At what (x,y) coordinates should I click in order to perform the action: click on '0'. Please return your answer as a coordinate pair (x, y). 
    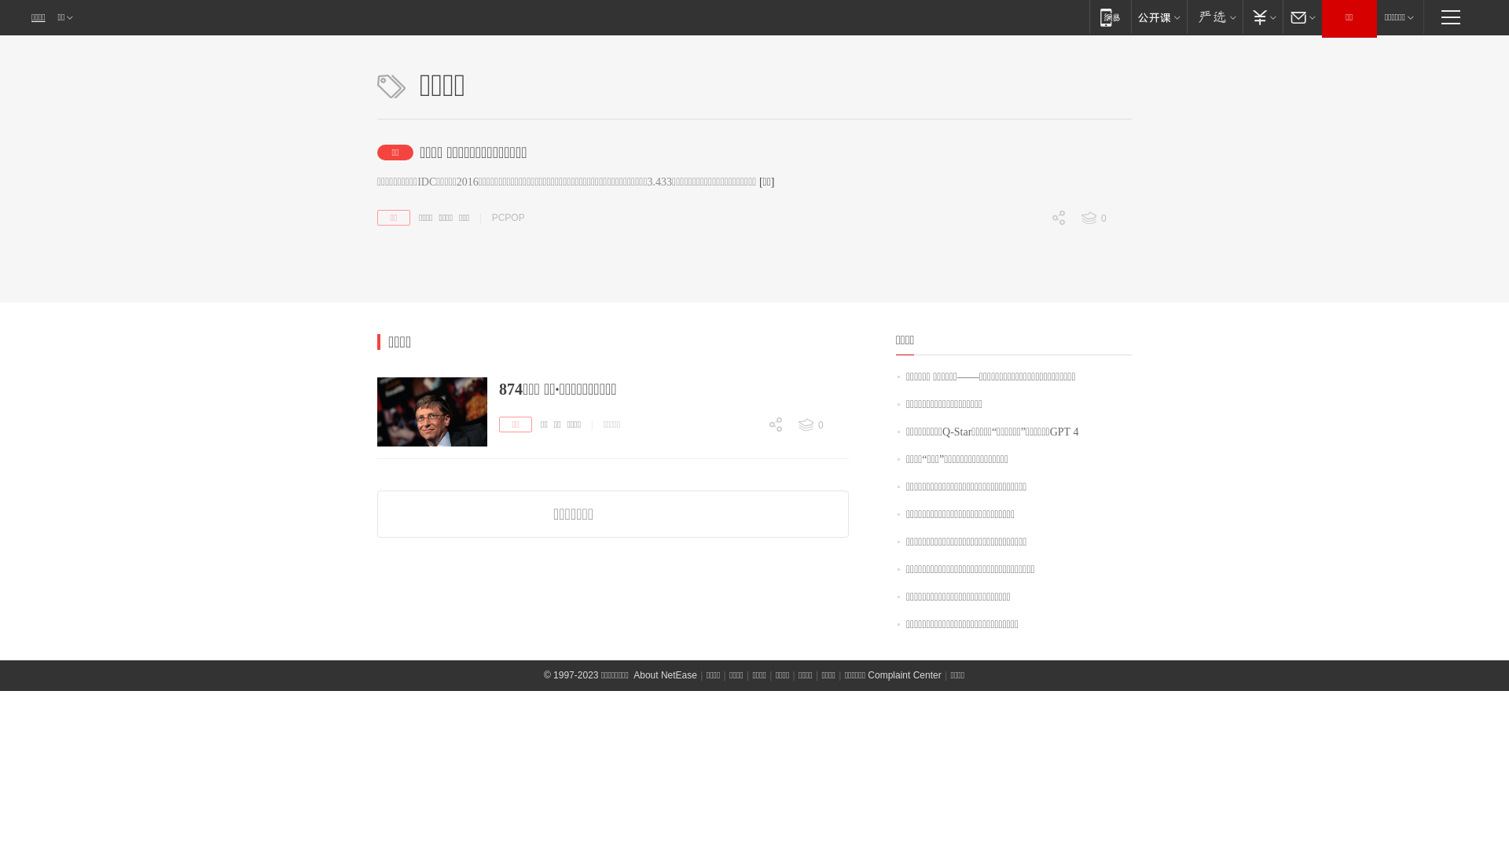
    Looking at the image, I should click on (704, 533).